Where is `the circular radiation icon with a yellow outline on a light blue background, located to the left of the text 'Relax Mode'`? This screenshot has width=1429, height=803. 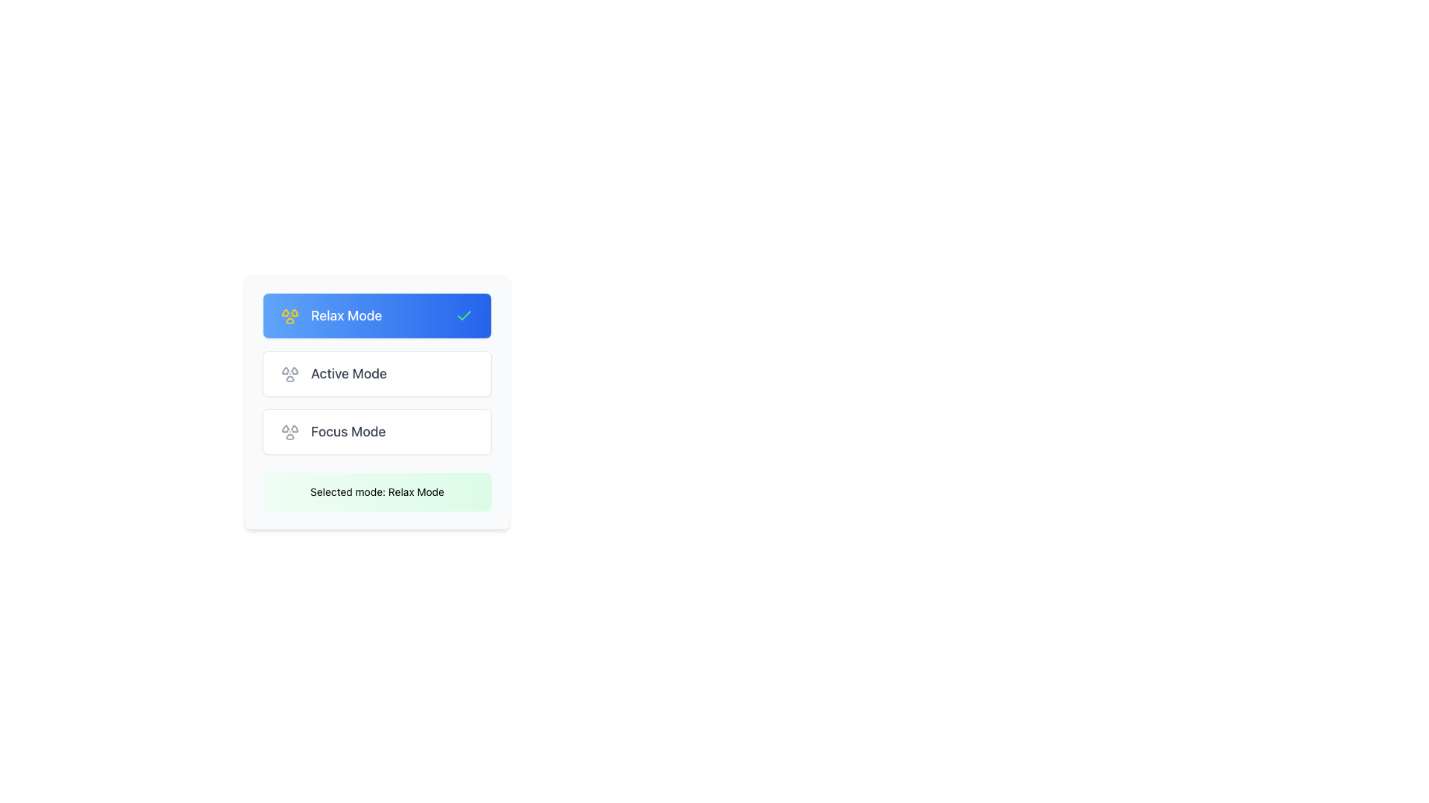 the circular radiation icon with a yellow outline on a light blue background, located to the left of the text 'Relax Mode' is located at coordinates (290, 315).